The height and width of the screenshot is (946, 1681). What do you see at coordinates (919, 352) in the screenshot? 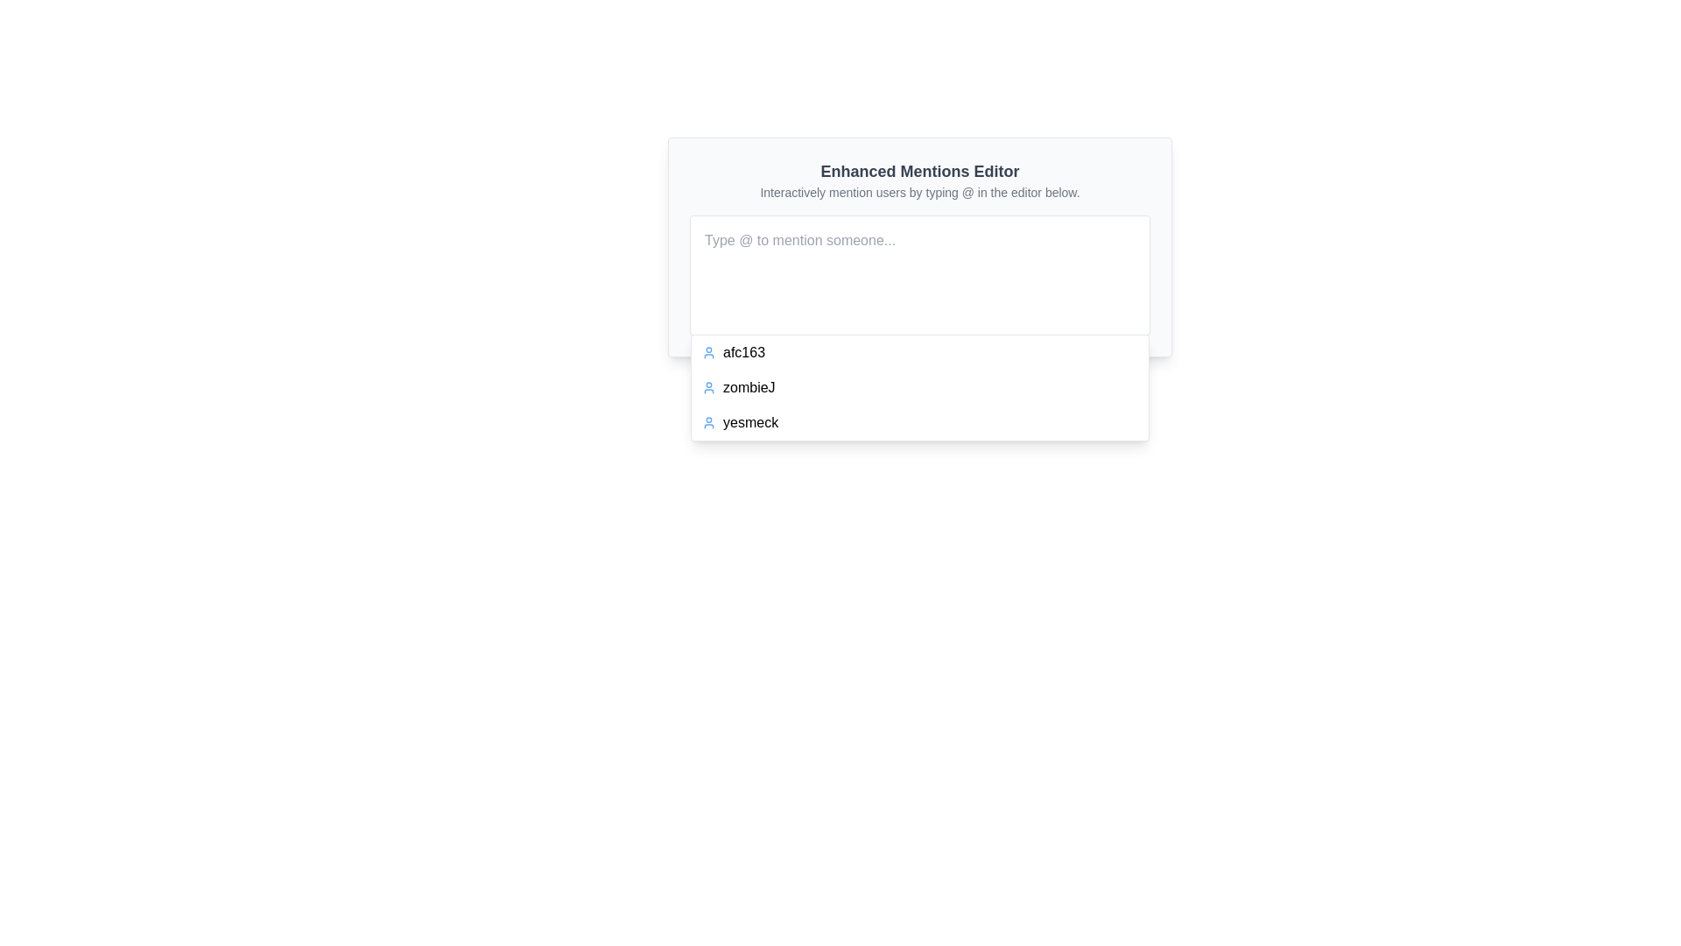
I see `the first entry in the dropdown menu that allows the user to select 'afc163'` at bounding box center [919, 352].